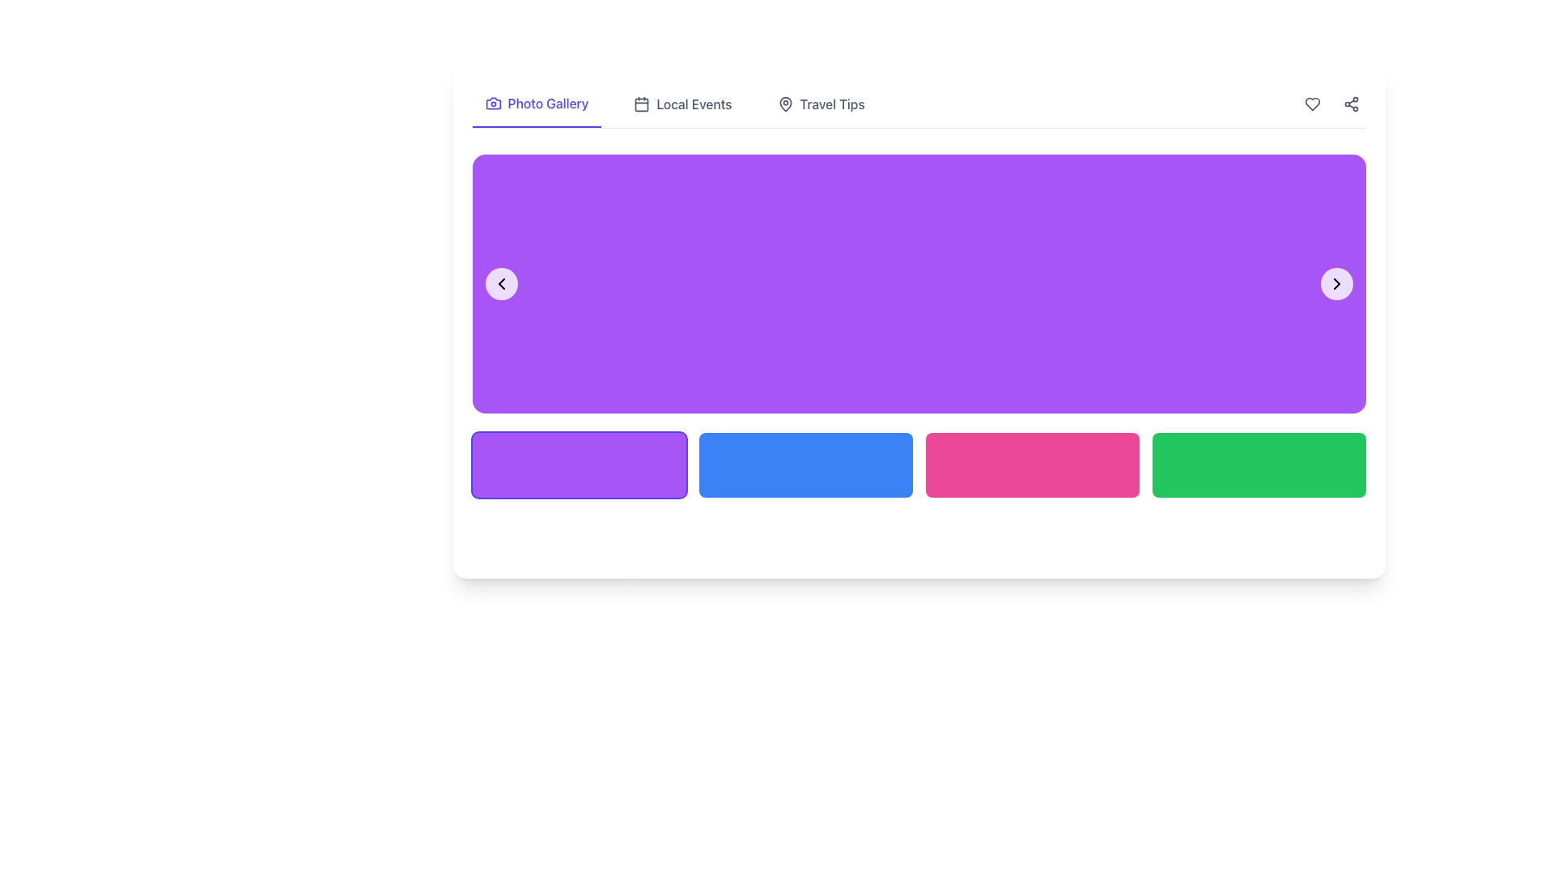 This screenshot has height=874, width=1554. What do you see at coordinates (1336, 283) in the screenshot?
I see `the right-pointing chevron arrow icon located in a circular semi-transparent white button on the right side of a large purple content area to trigger visual feedback` at bounding box center [1336, 283].